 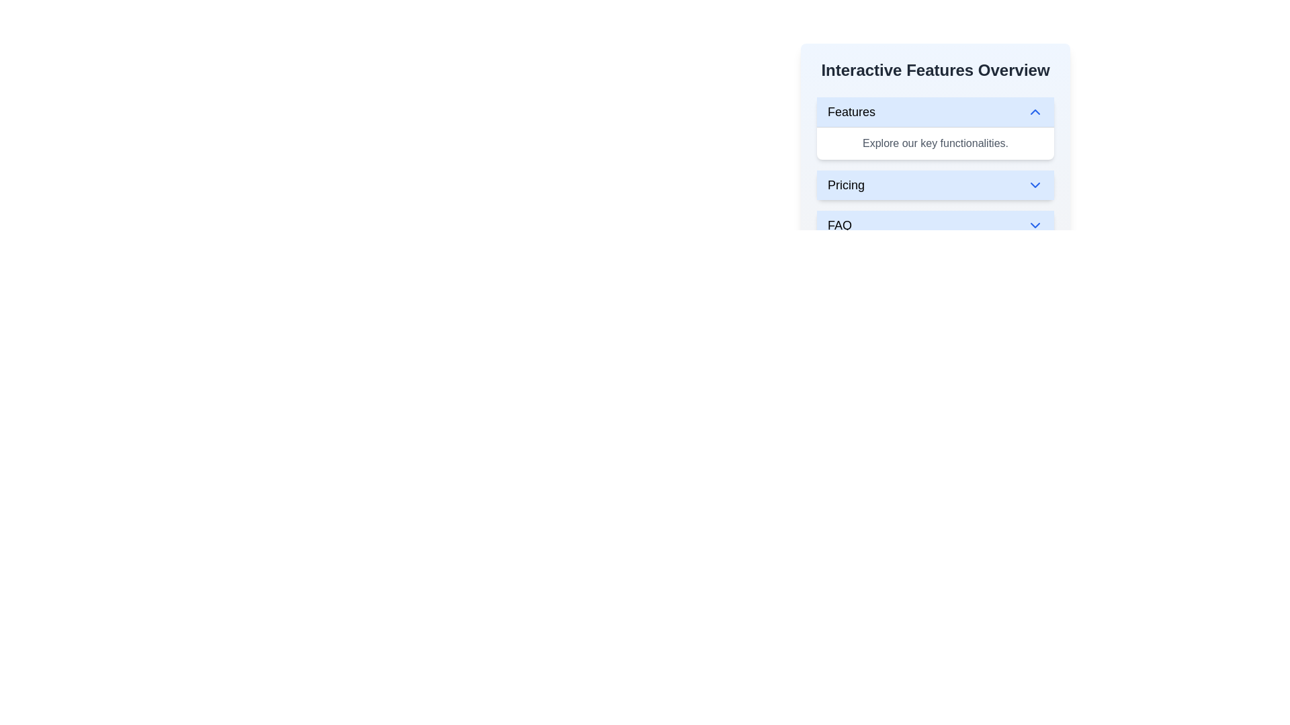 I want to click on text of the 'Features' label, which is styled in bold font within a light blue rectangular section, so click(x=851, y=111).